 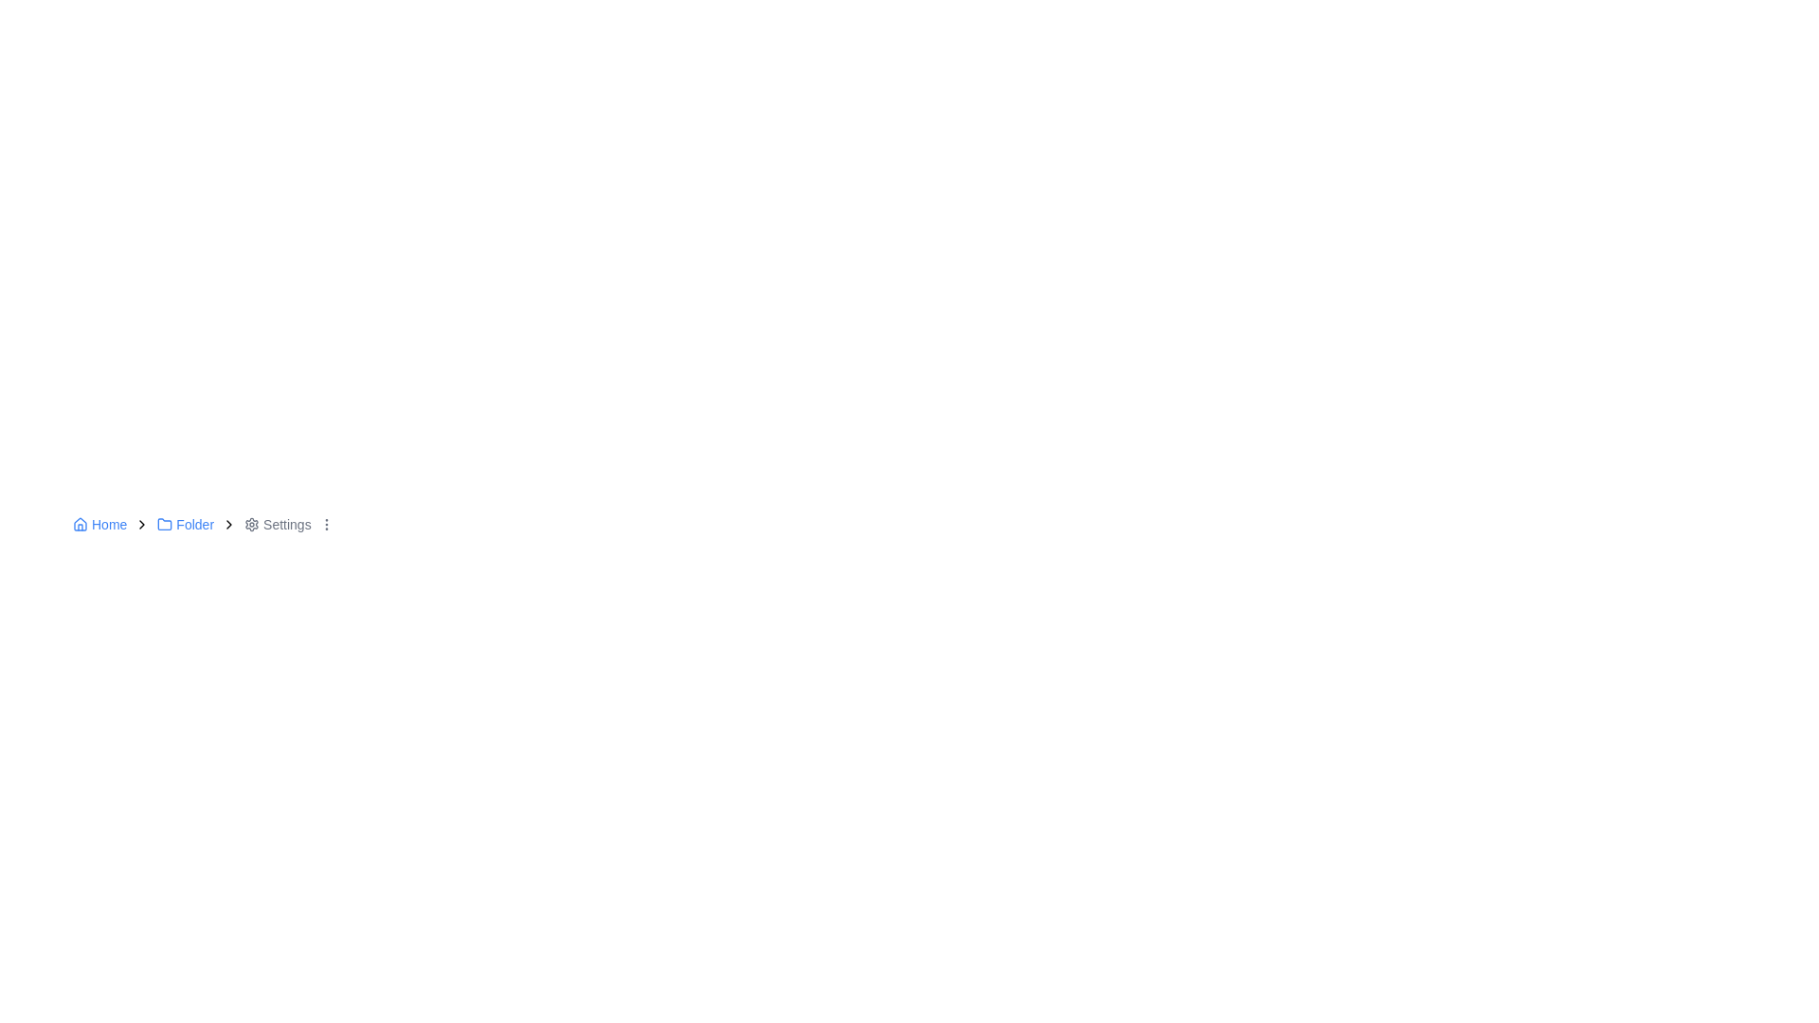 What do you see at coordinates (99, 525) in the screenshot?
I see `the 'Home' breadcrumb link in the top-left corner of the interface` at bounding box center [99, 525].